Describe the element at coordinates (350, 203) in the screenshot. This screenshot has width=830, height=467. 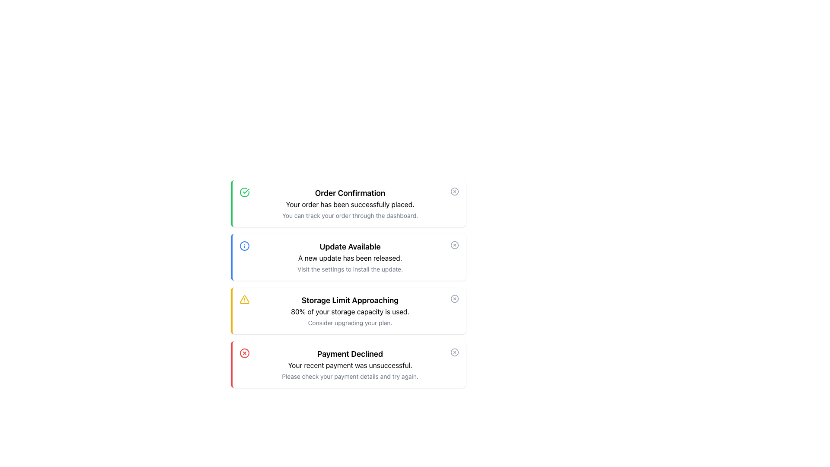
I see `the success message displayed in the Notification Card titled 'Order Confirmation', which is visually distinguished by a green border and an accompanying icon` at that location.